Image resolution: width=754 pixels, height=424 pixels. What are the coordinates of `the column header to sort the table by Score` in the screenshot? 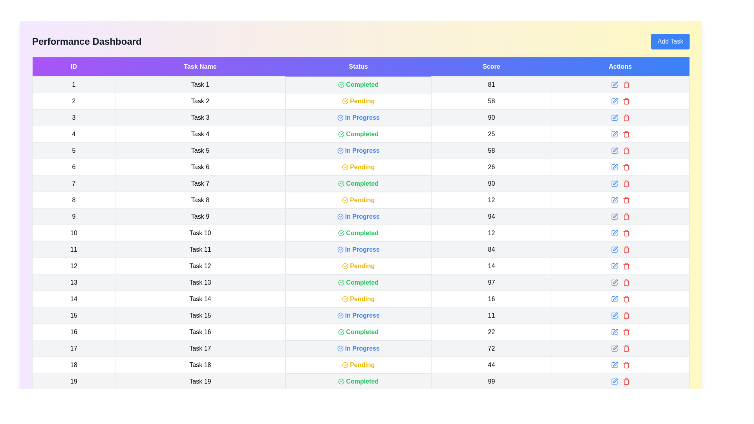 It's located at (491, 66).